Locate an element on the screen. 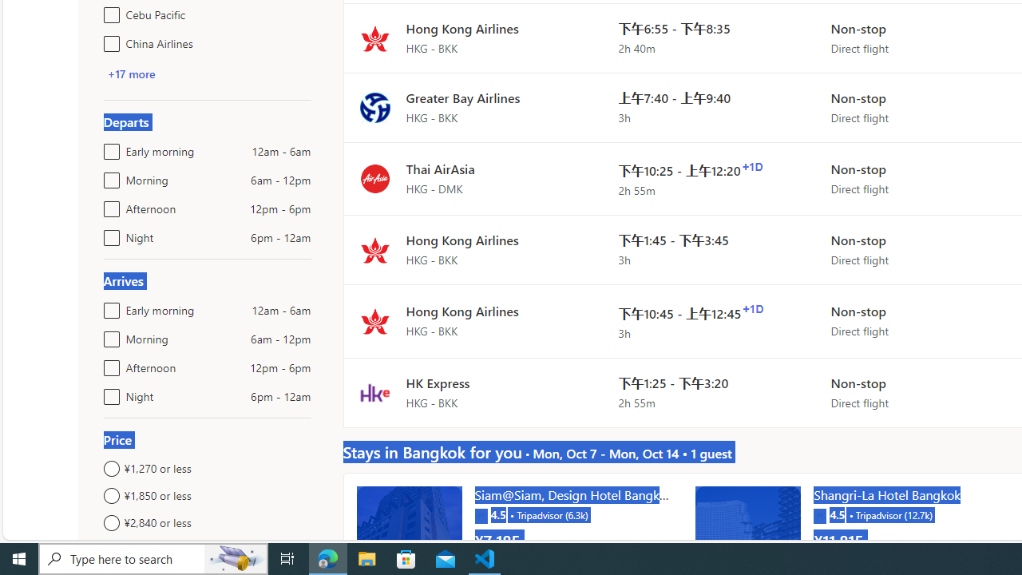 Image resolution: width=1022 pixels, height=575 pixels. 'Cebu Pacific' is located at coordinates (108, 12).